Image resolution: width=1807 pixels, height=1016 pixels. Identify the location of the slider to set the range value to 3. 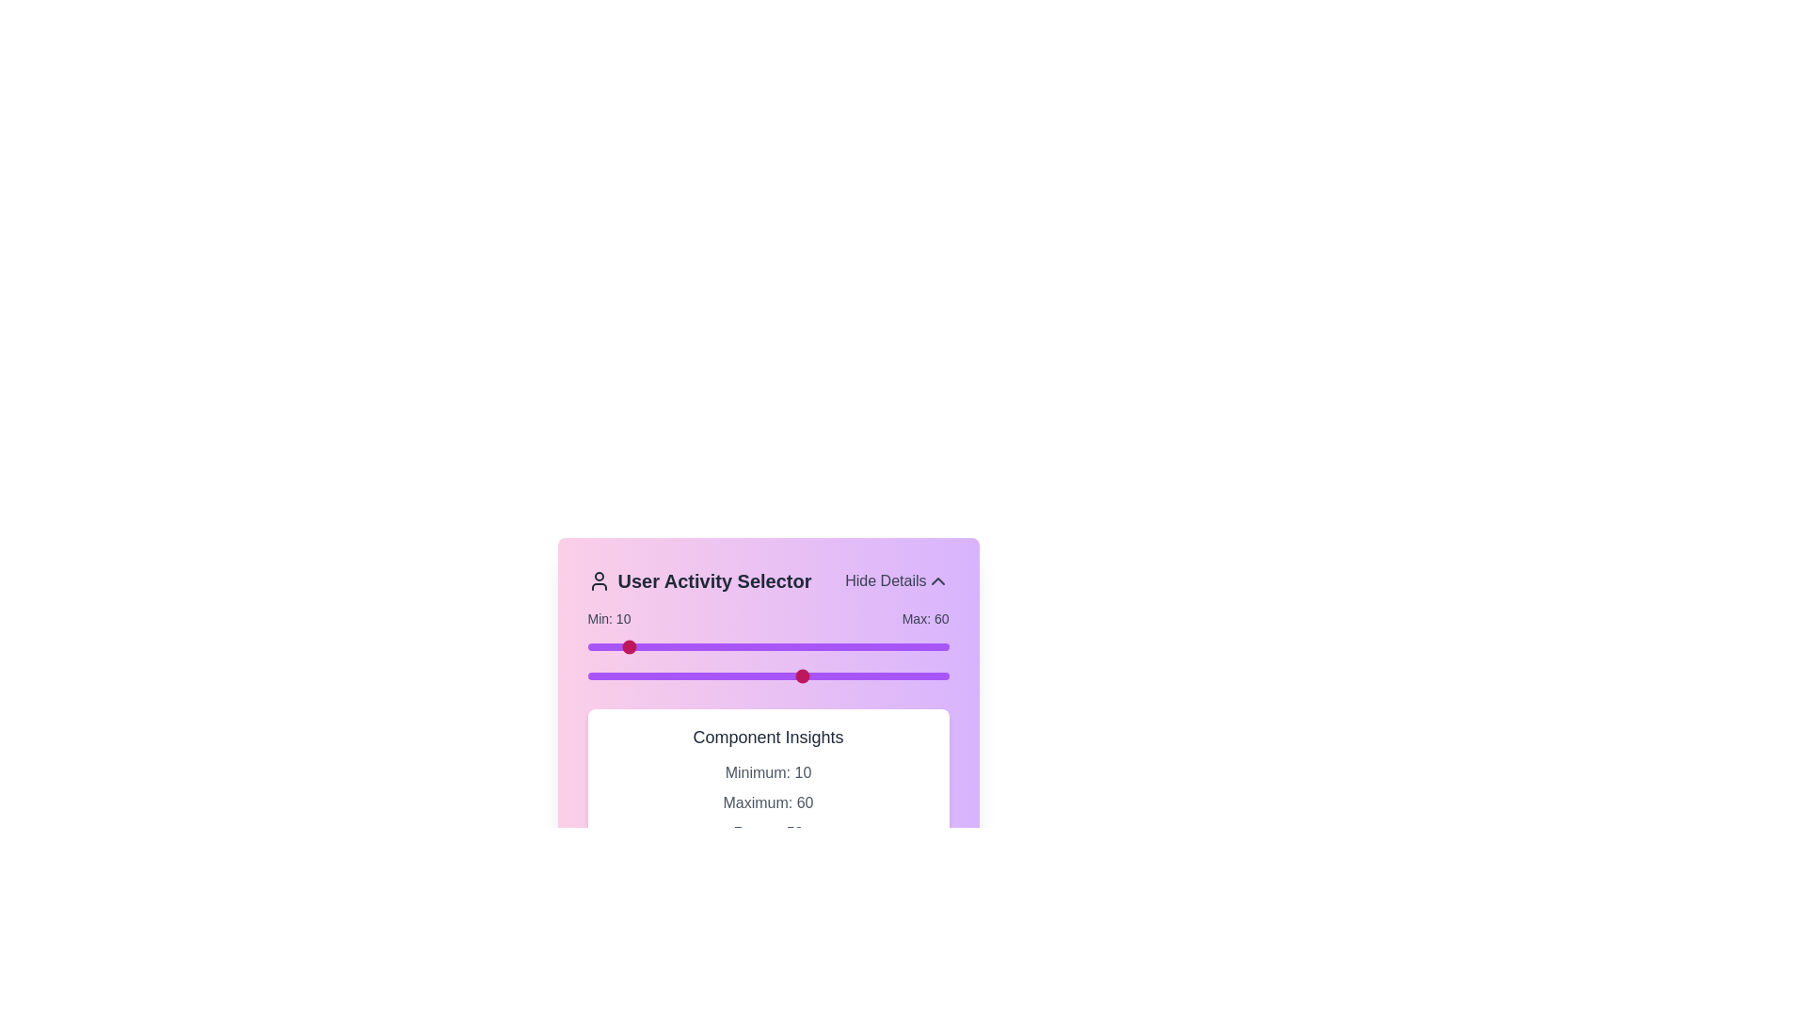
(598, 645).